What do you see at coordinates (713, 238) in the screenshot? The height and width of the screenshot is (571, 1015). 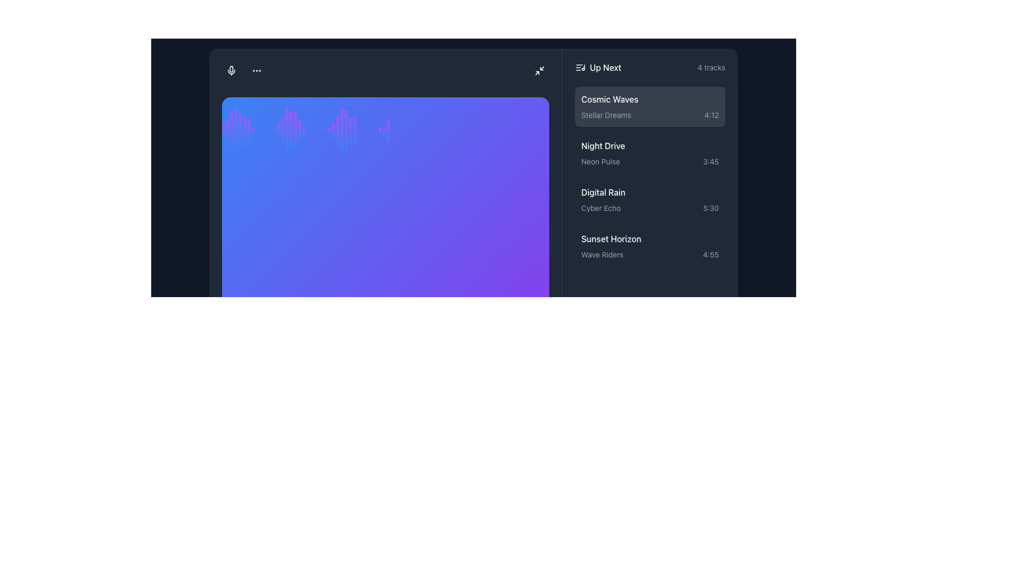 I see `the small white heart icon located in the 'Sunset Horizon' item of the 'Up Next' playlist` at bounding box center [713, 238].